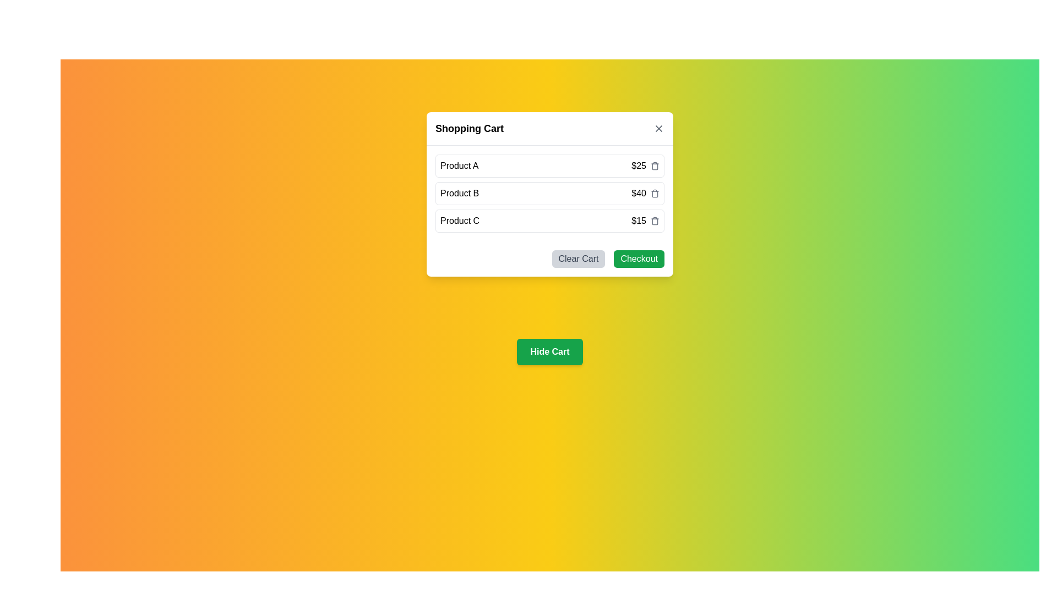 The height and width of the screenshot is (594, 1057). I want to click on the trash bin icon located to the right of the price '$25' for 'Product A' in the shopping cart list to change its color to red, so click(655, 167).